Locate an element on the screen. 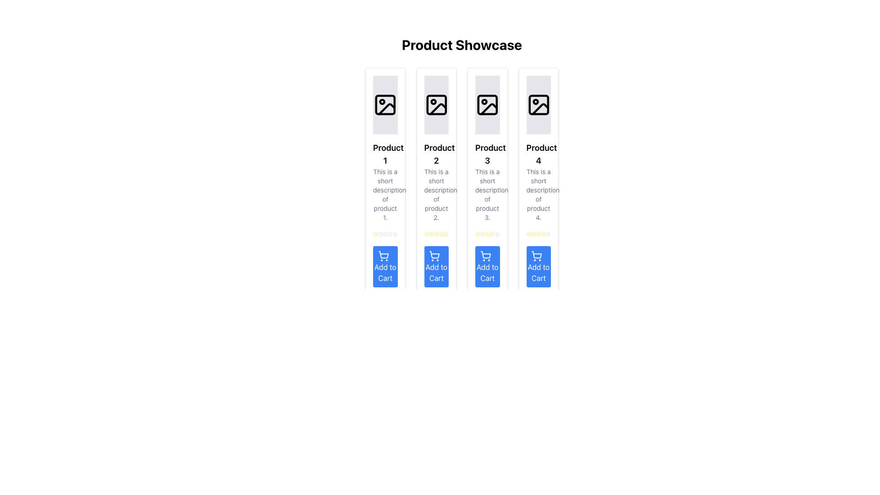  the second star in the five-point rating system for 'Product 3' to rate it is located at coordinates (497, 233).